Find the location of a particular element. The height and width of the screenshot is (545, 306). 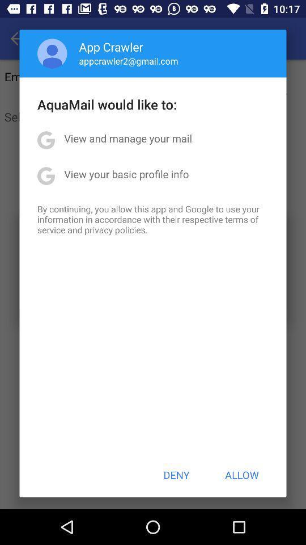

view and manage is located at coordinates (127, 137).